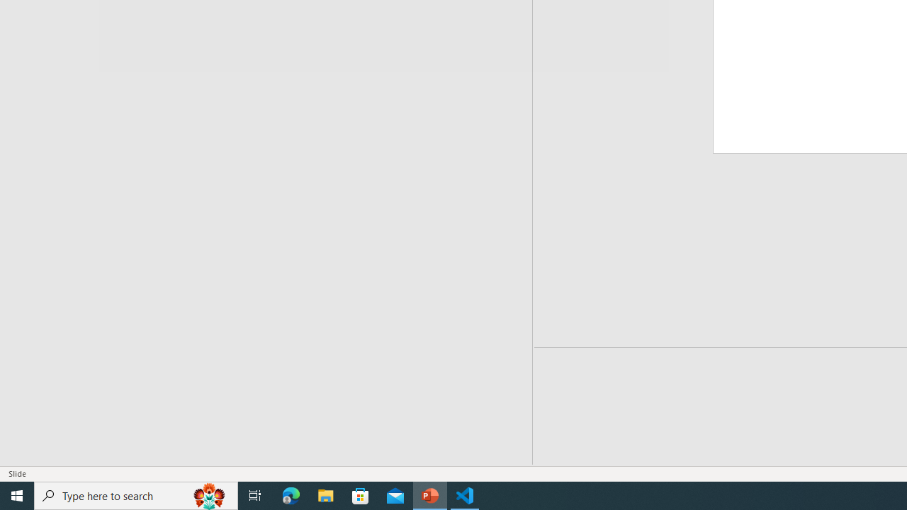 Image resolution: width=907 pixels, height=510 pixels. I want to click on 'PowerPoint - 1 running window', so click(429, 494).